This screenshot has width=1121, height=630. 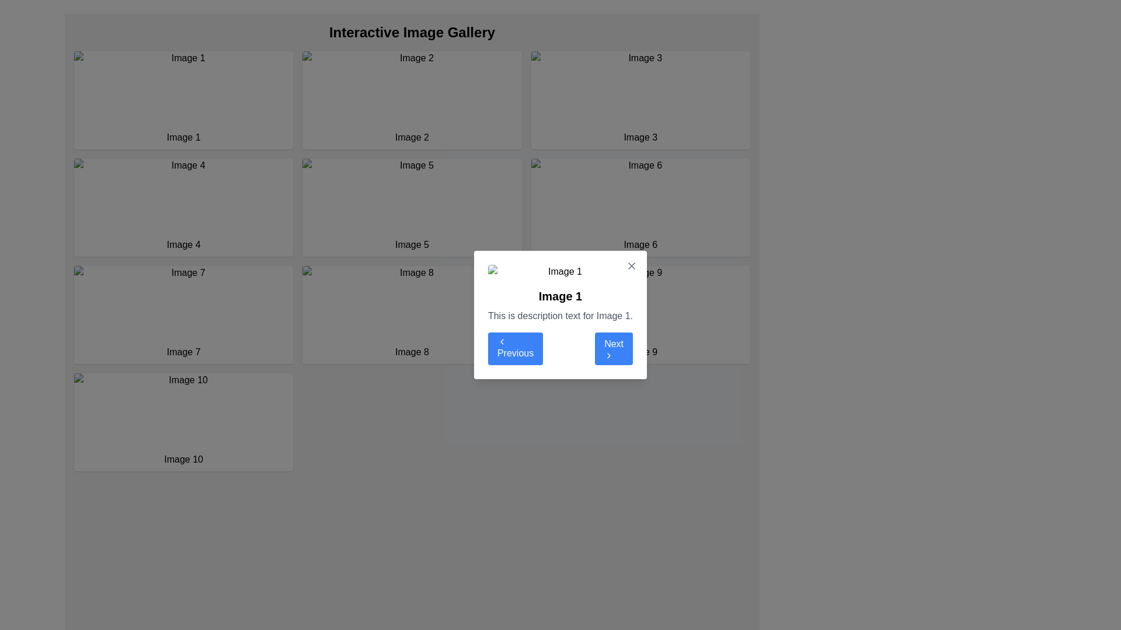 What do you see at coordinates (560, 348) in the screenshot?
I see `the 'Previous' or 'Next' button in the navigation bar located at the bottom of the modal window to trigger a visual change` at bounding box center [560, 348].